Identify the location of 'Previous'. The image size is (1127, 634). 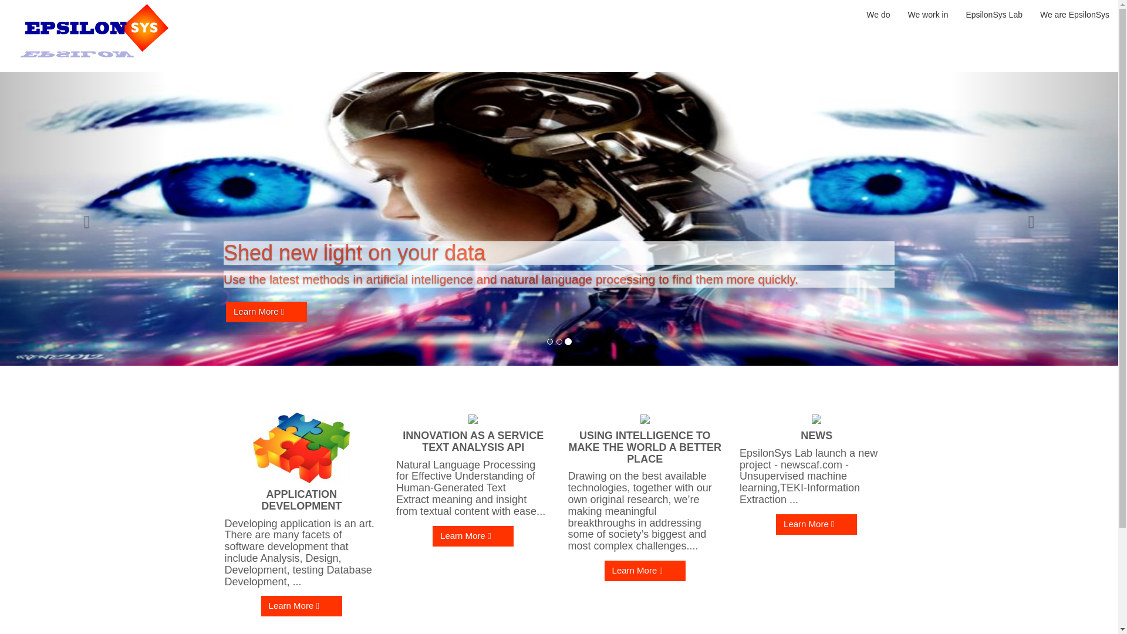
(83, 219).